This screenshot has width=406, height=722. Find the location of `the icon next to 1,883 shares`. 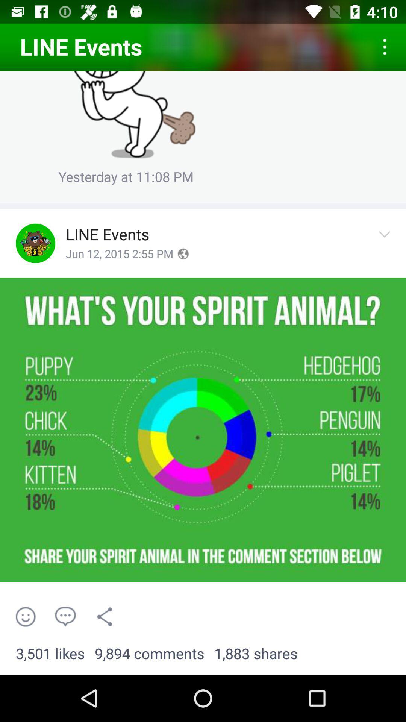

the icon next to 1,883 shares is located at coordinates (149, 654).